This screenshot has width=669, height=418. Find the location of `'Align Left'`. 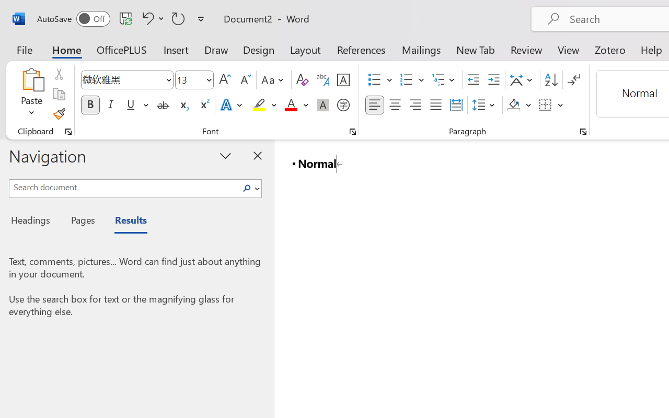

'Align Left' is located at coordinates (374, 105).